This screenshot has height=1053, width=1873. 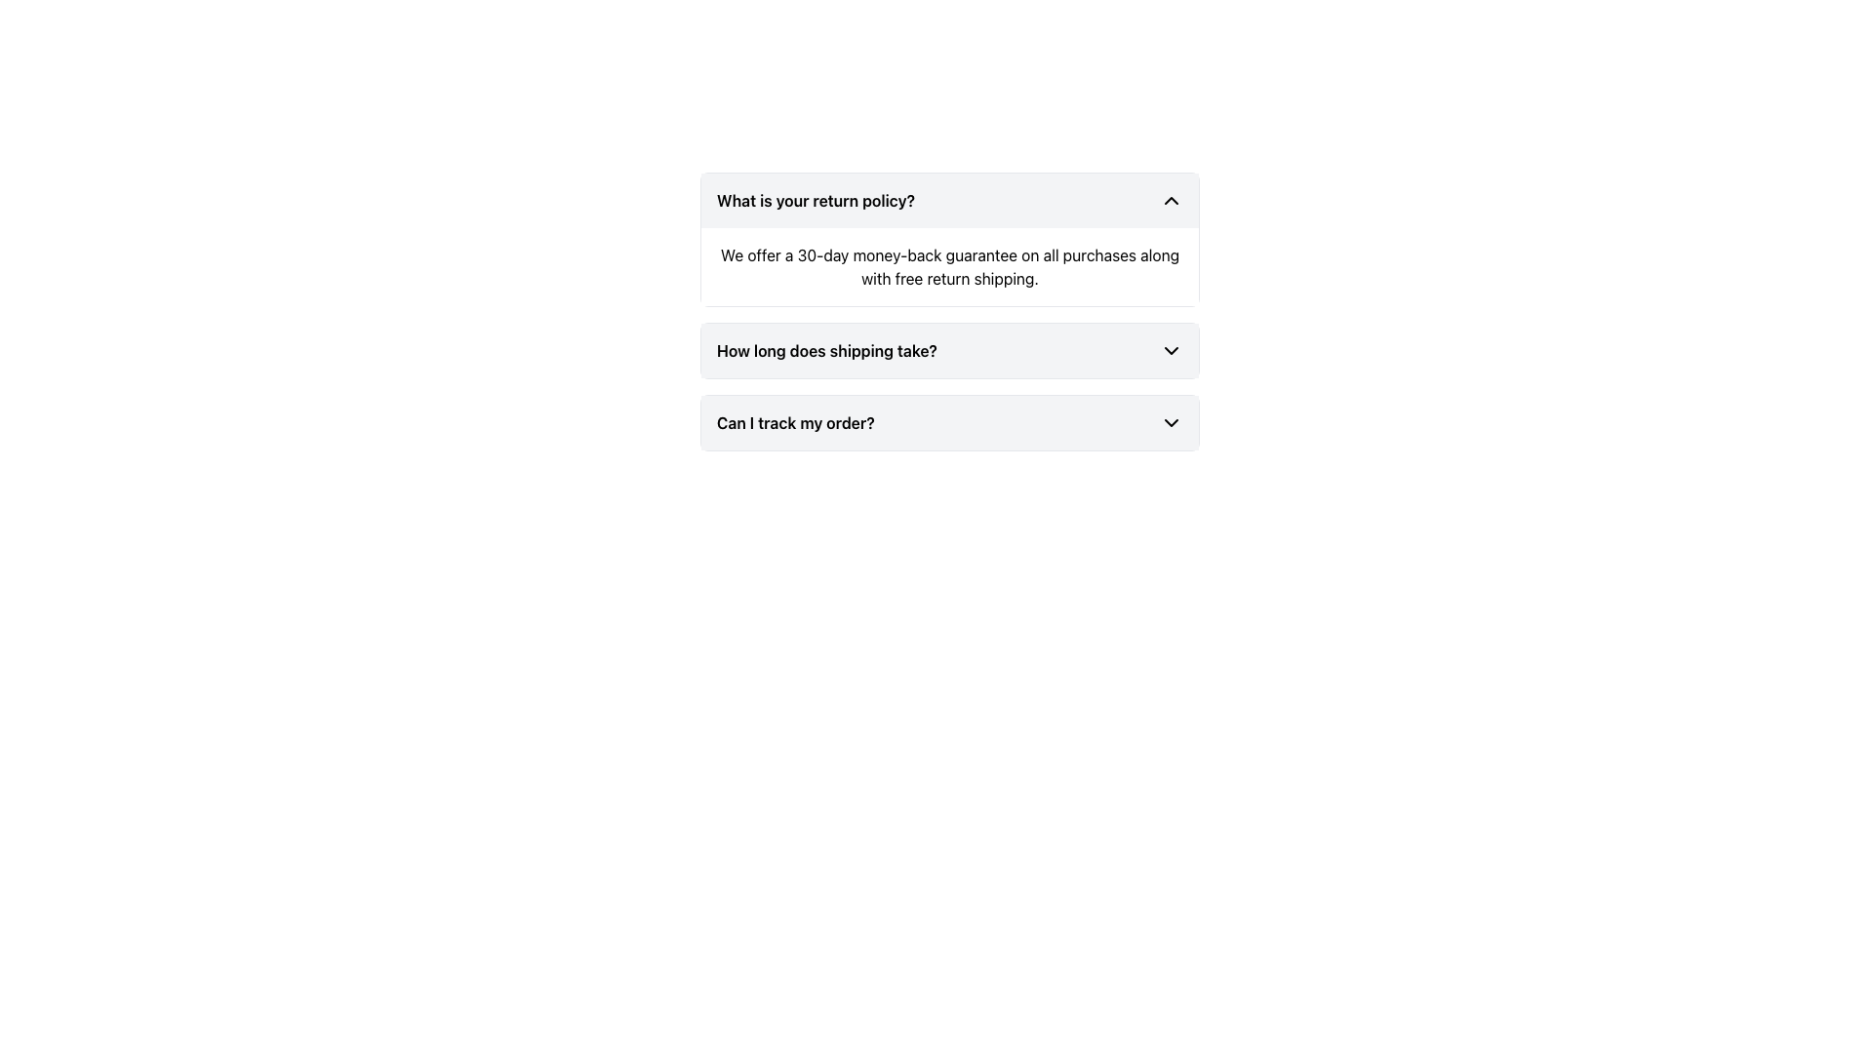 I want to click on the small upward-pointing chevron icon that toggles the panel state, located to the right of the text 'What is your return policy?', so click(x=1171, y=200).